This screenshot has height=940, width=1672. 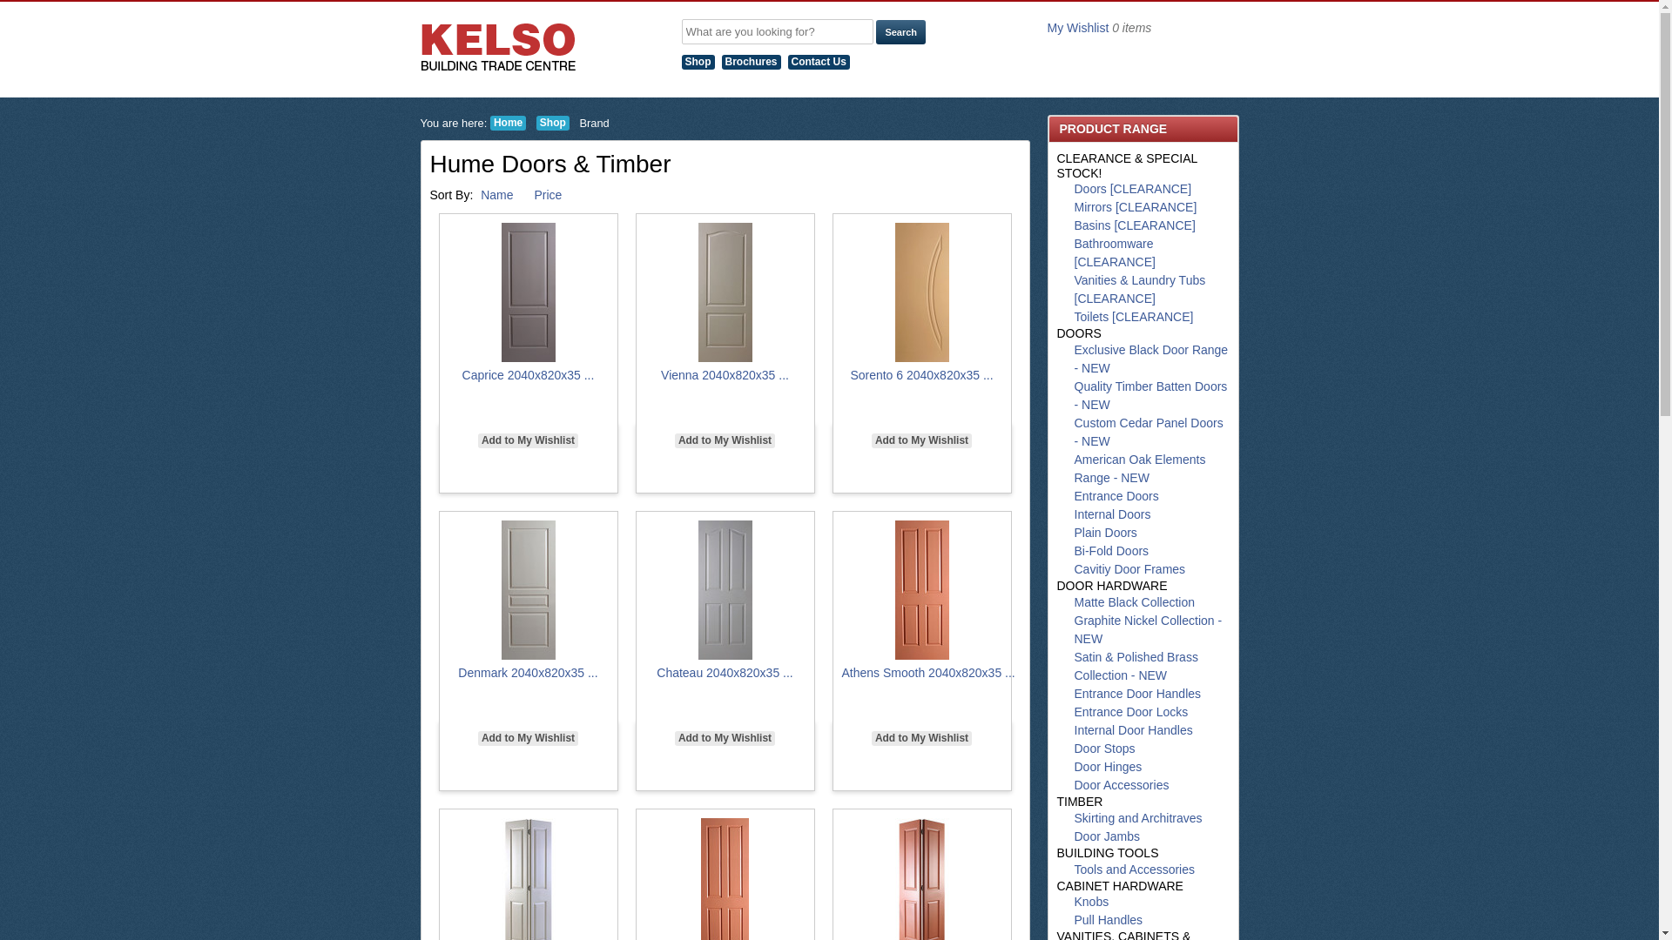 What do you see at coordinates (1098, 27) in the screenshot?
I see `'My Wishlist 0 items'` at bounding box center [1098, 27].